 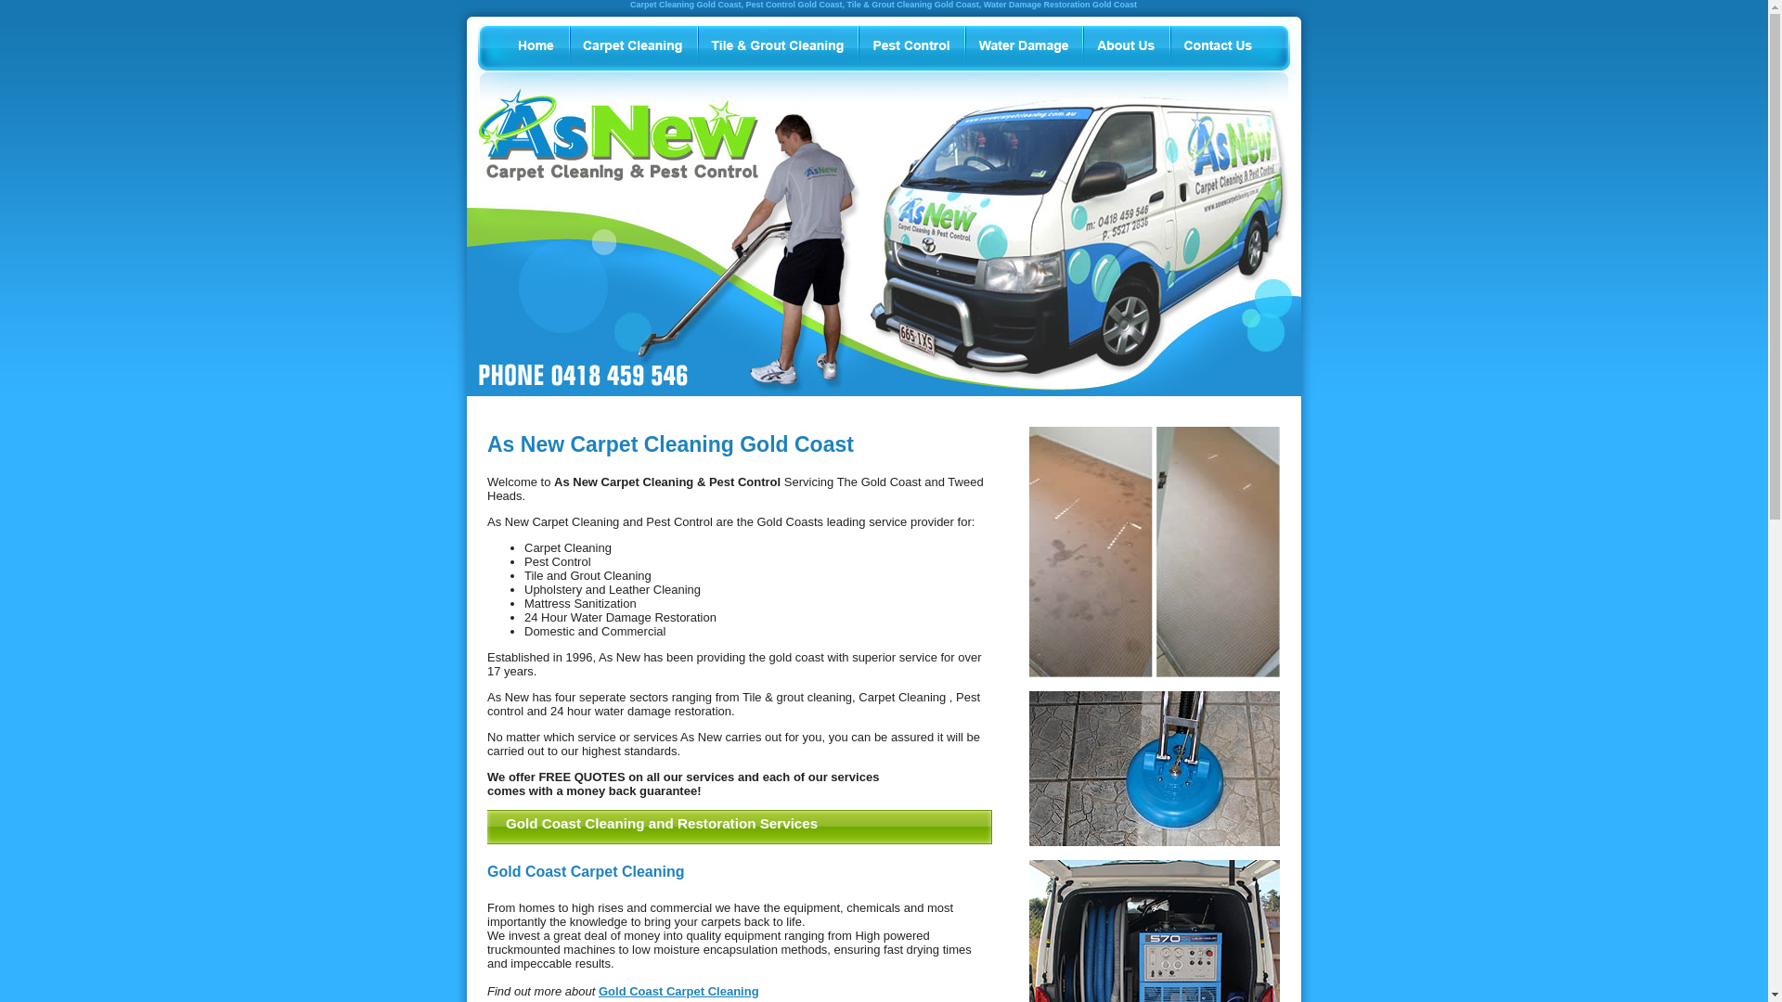 What do you see at coordinates (678, 990) in the screenshot?
I see `'Gold Coast Carpet Cleaning'` at bounding box center [678, 990].